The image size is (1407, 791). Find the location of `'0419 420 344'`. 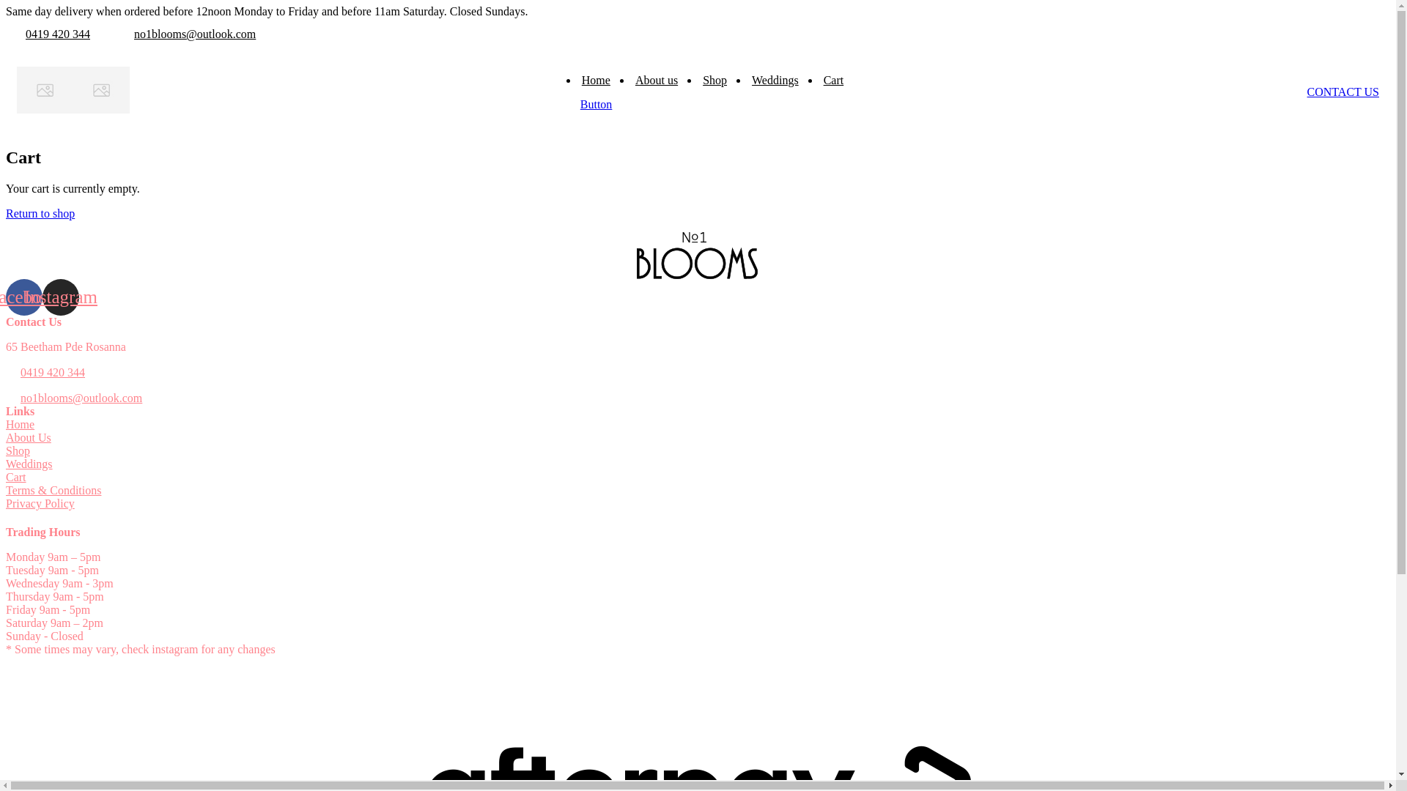

'0419 420 344' is located at coordinates (53, 372).